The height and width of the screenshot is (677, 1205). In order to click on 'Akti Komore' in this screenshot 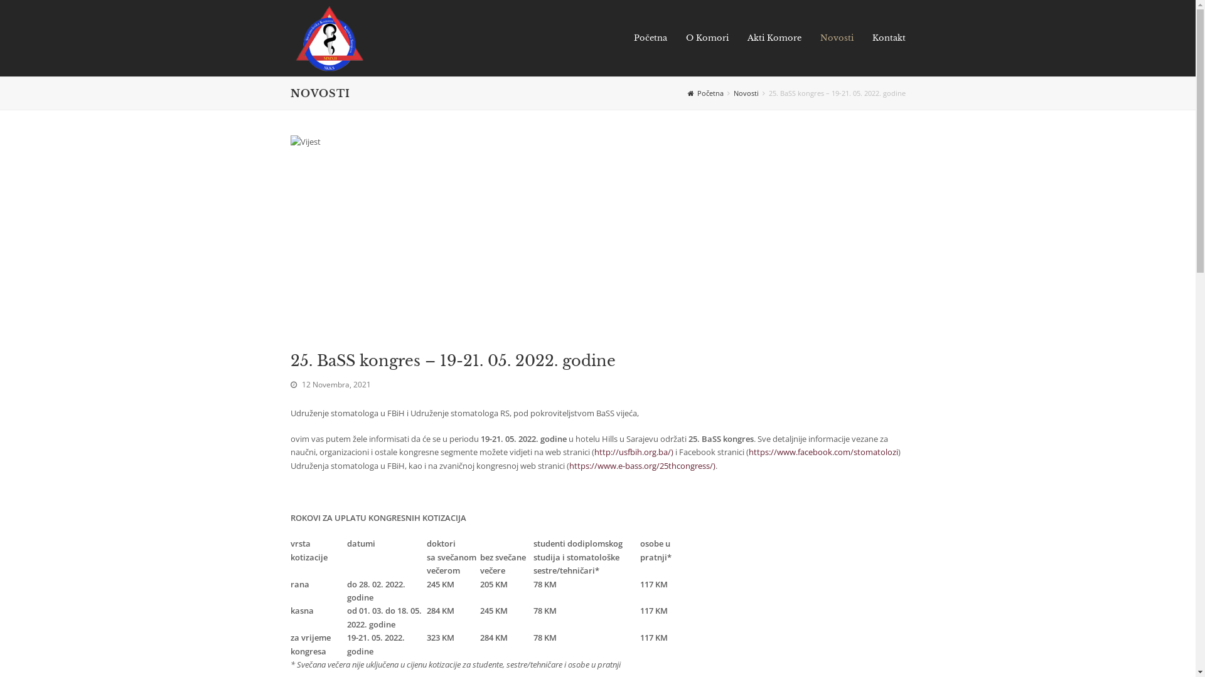, I will do `click(773, 38)`.